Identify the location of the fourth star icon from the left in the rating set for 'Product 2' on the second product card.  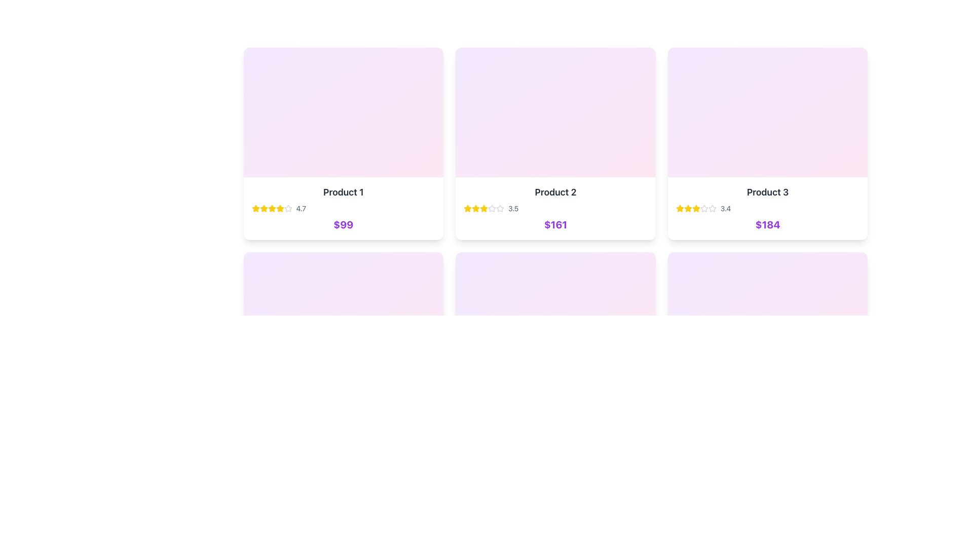
(483, 208).